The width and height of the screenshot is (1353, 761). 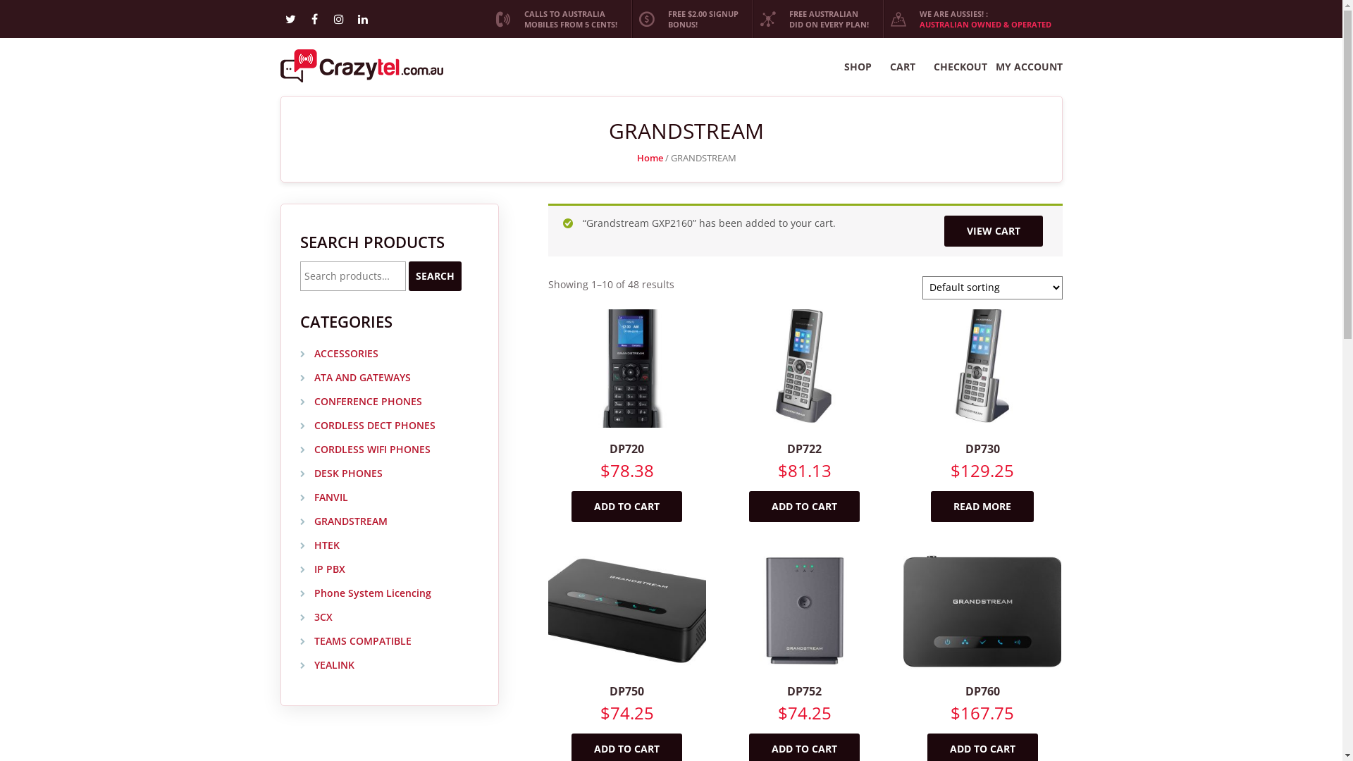 What do you see at coordinates (981, 653) in the screenshot?
I see `'DP760` at bounding box center [981, 653].